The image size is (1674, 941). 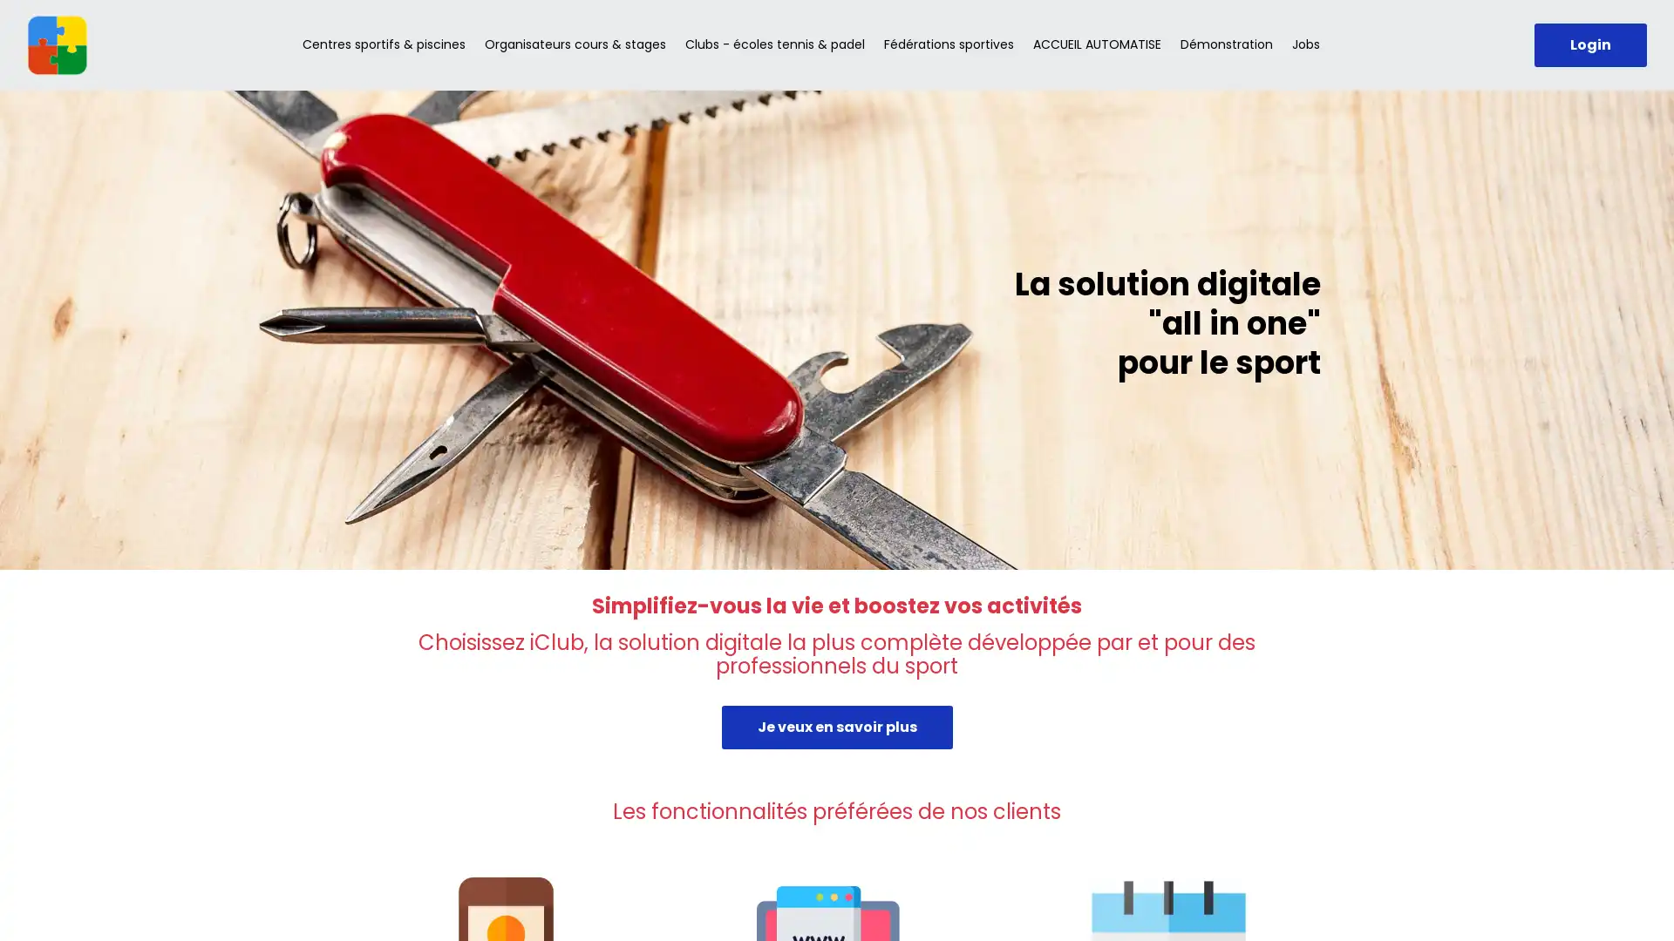 I want to click on Federations sportives, so click(x=947, y=44).